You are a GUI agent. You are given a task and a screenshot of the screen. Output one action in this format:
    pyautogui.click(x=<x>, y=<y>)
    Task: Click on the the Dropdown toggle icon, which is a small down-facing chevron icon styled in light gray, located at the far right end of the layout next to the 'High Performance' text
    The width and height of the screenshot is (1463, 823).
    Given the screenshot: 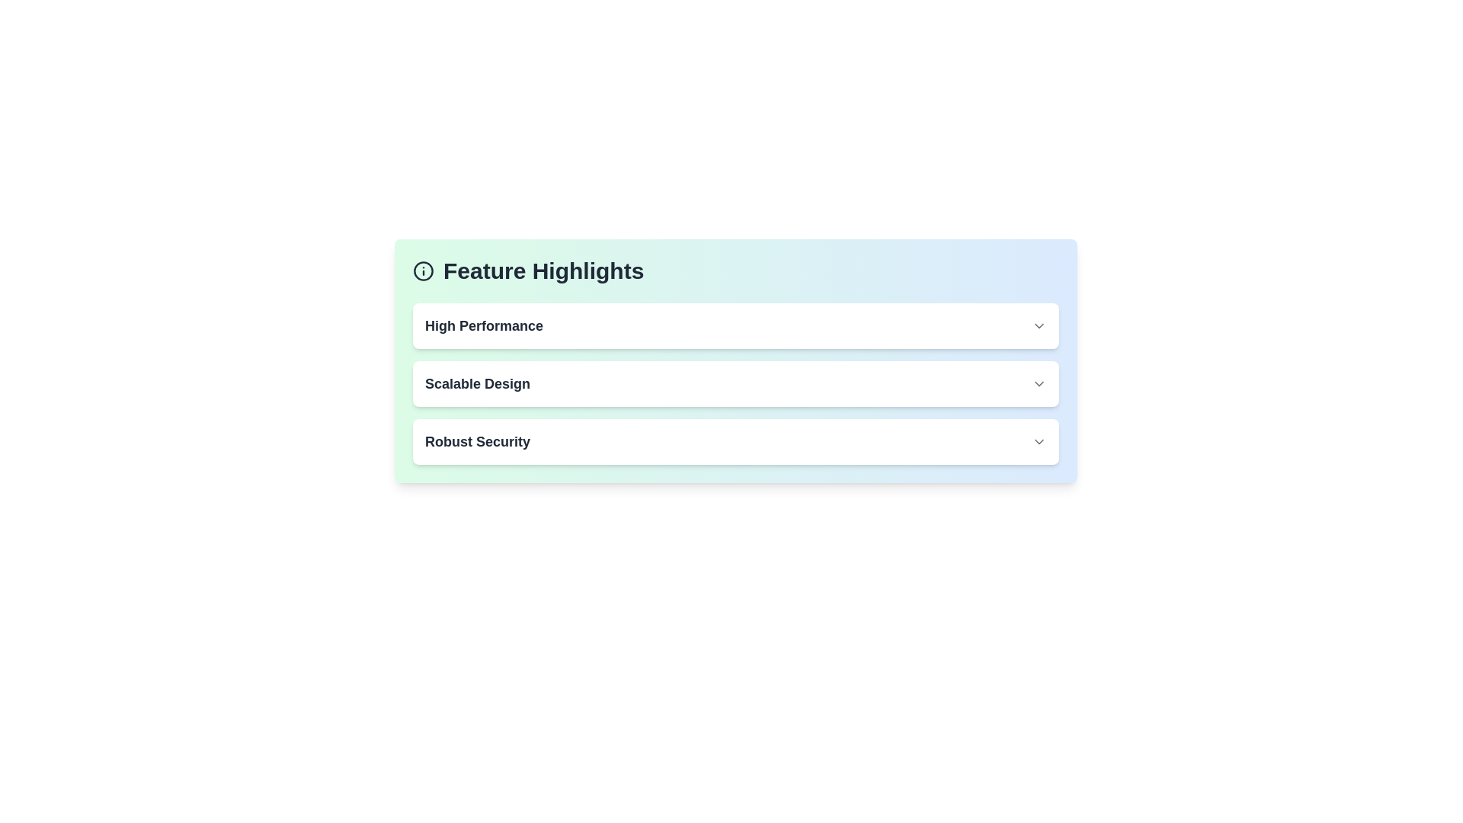 What is the action you would take?
    pyautogui.click(x=1038, y=325)
    